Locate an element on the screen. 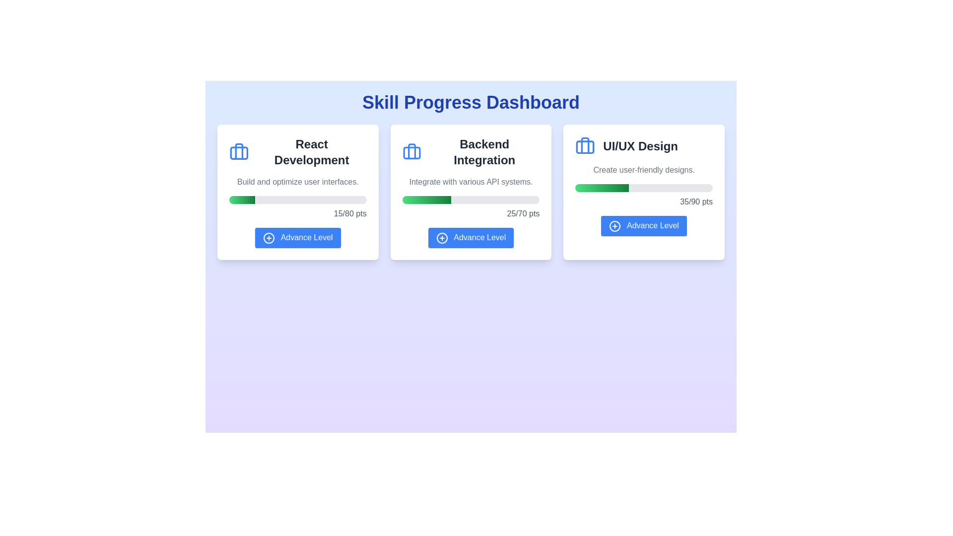  the icon located to the left of the 'Advance Level' button in the third card of the 'UI/UX Design' section is located at coordinates (614, 226).